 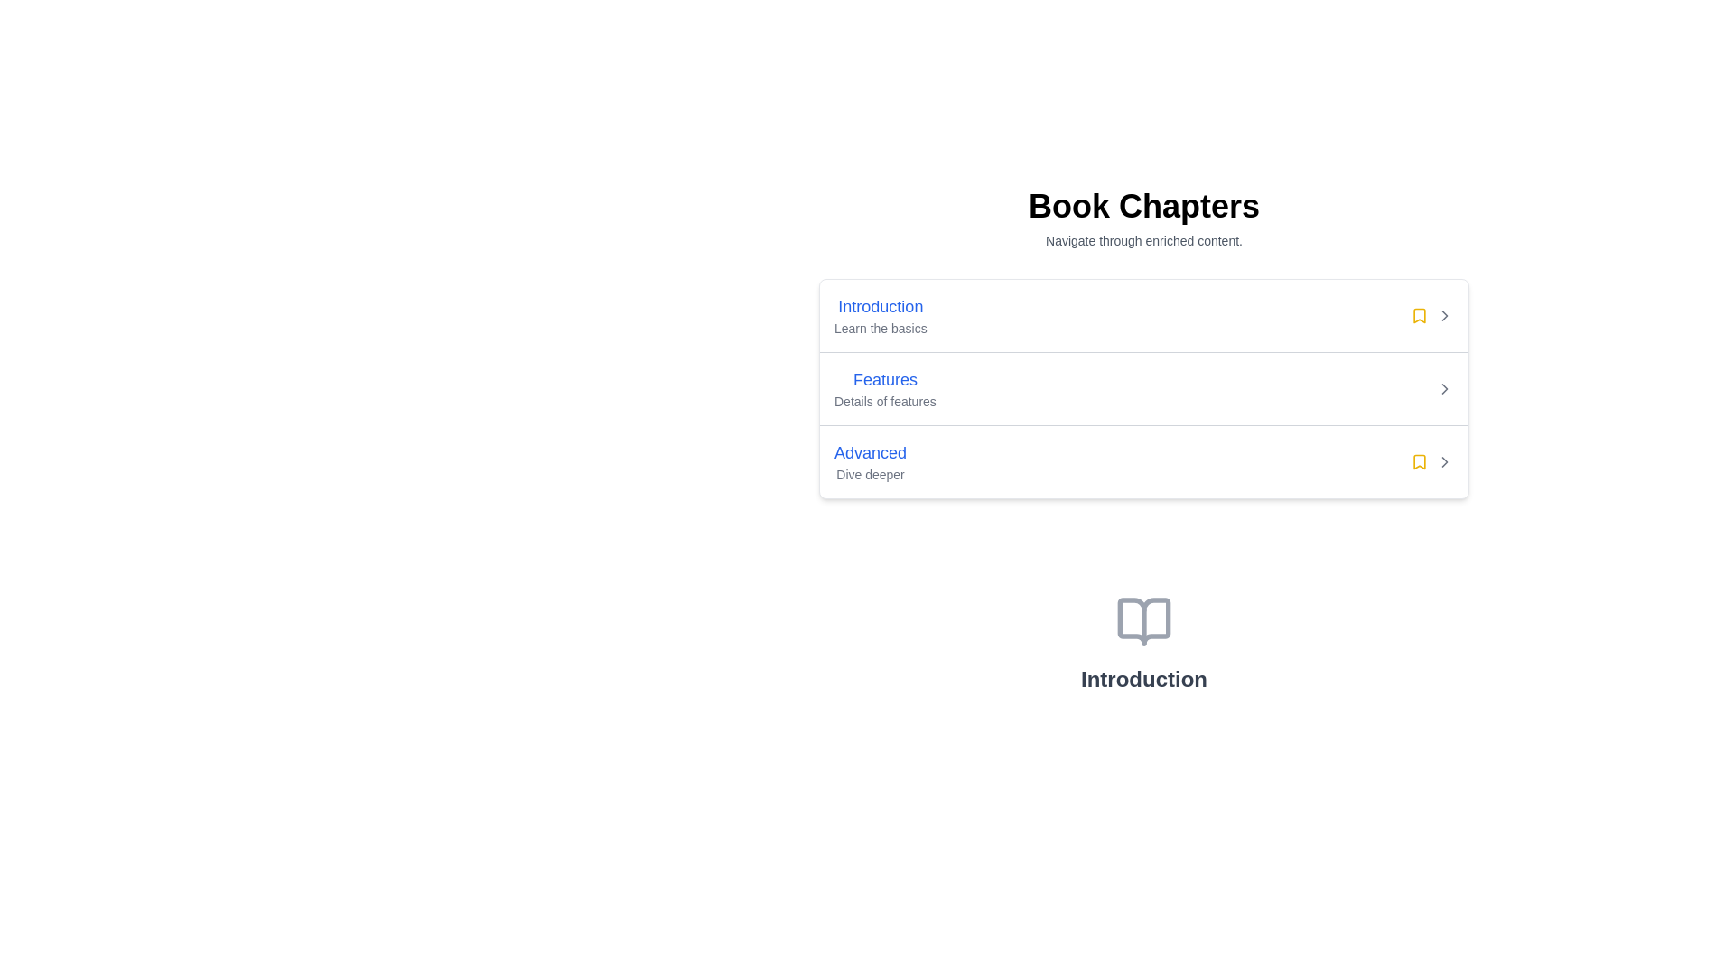 I want to click on the yellow bookmark icon element located within the 'Introduction' list item in the 'Book Chapters' section, positioned towards the right end of the item row, preceding the navigation arrow, so click(x=1418, y=315).